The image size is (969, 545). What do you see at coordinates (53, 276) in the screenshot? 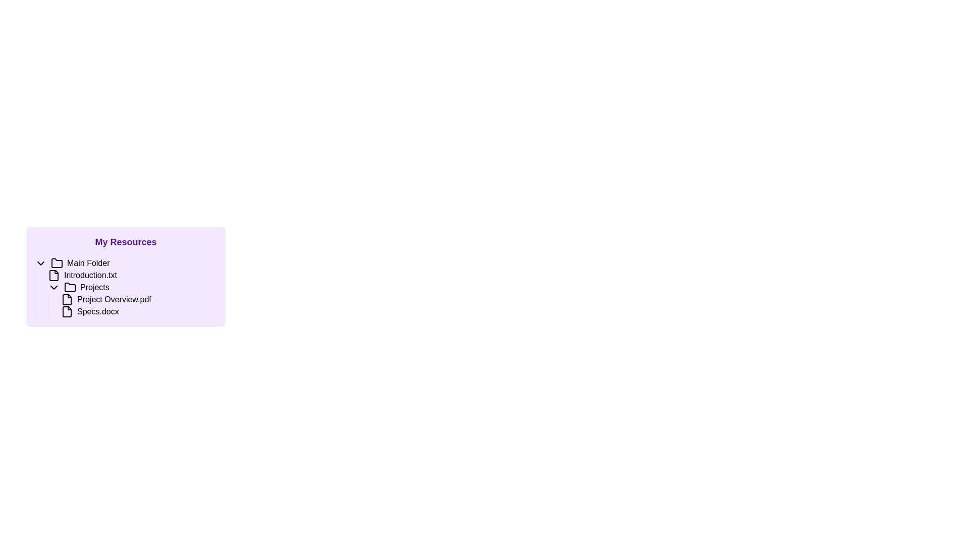
I see `the document icon representing the file 'Introduction.txt' located in the 'My Resources' section, which is the first icon after the 'Main Folder' entry` at bounding box center [53, 276].